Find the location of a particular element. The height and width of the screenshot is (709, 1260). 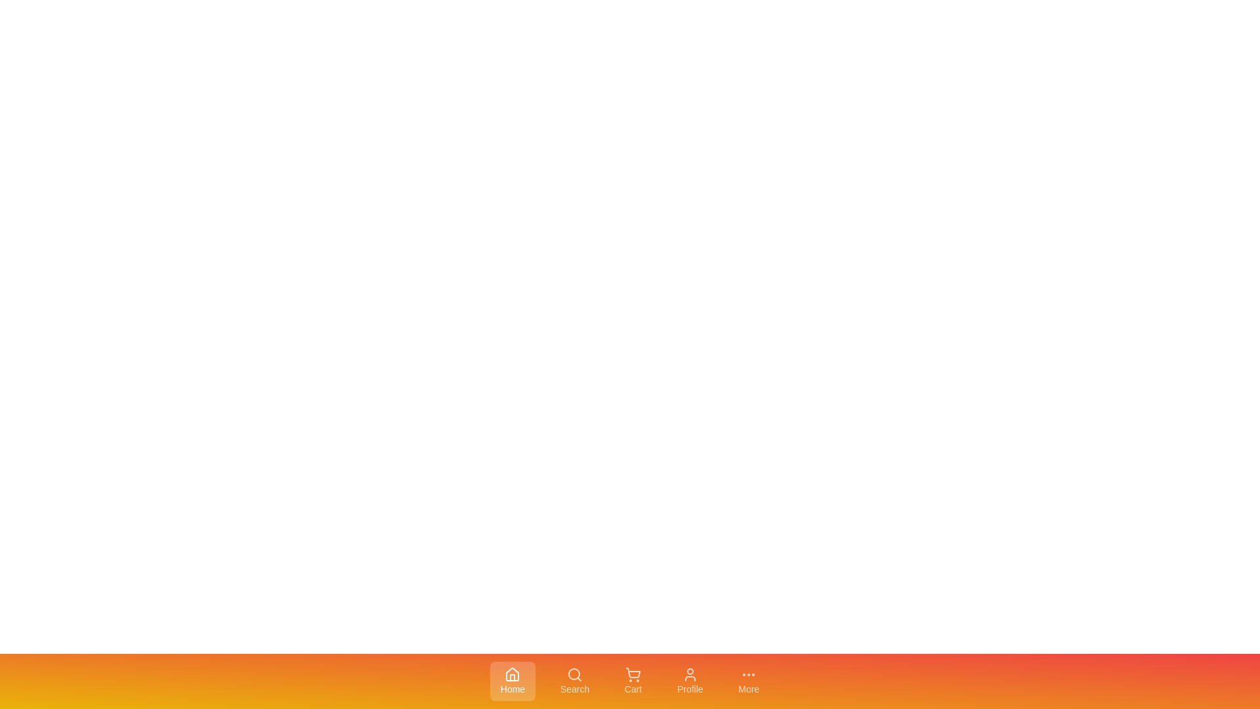

the Home tab in the bottom navigation bar is located at coordinates (512, 680).